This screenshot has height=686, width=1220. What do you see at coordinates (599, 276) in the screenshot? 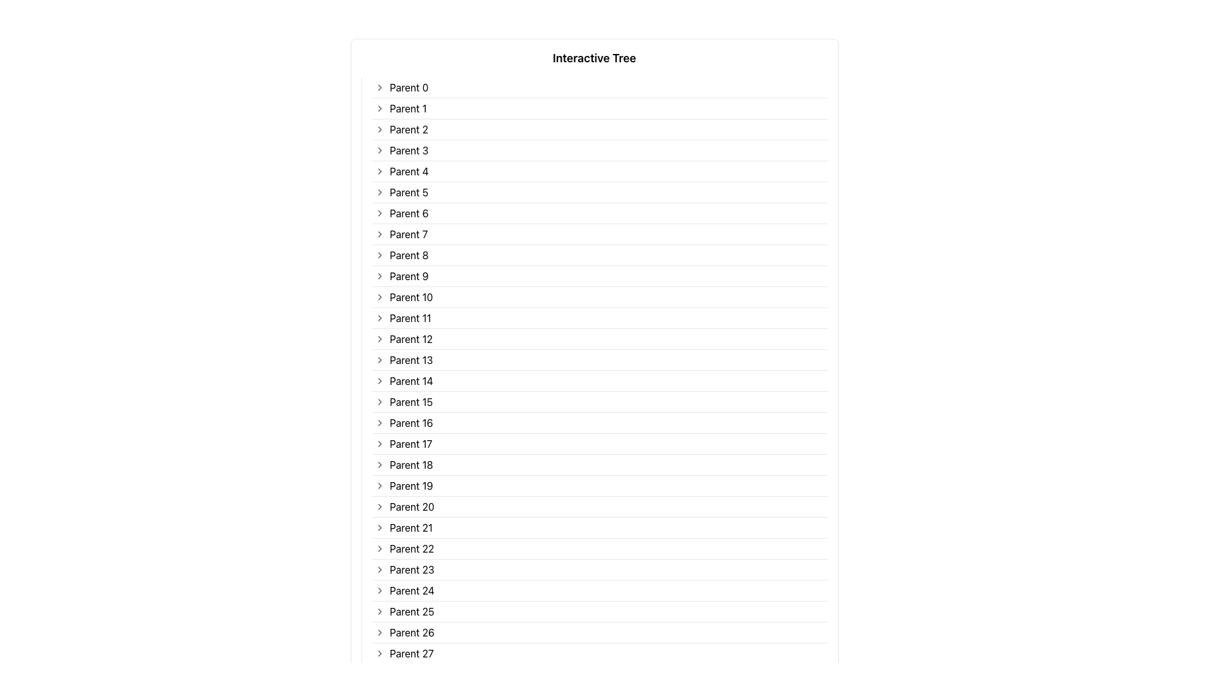
I see `the ninth List Item in the 'Interactive Tree'` at bounding box center [599, 276].